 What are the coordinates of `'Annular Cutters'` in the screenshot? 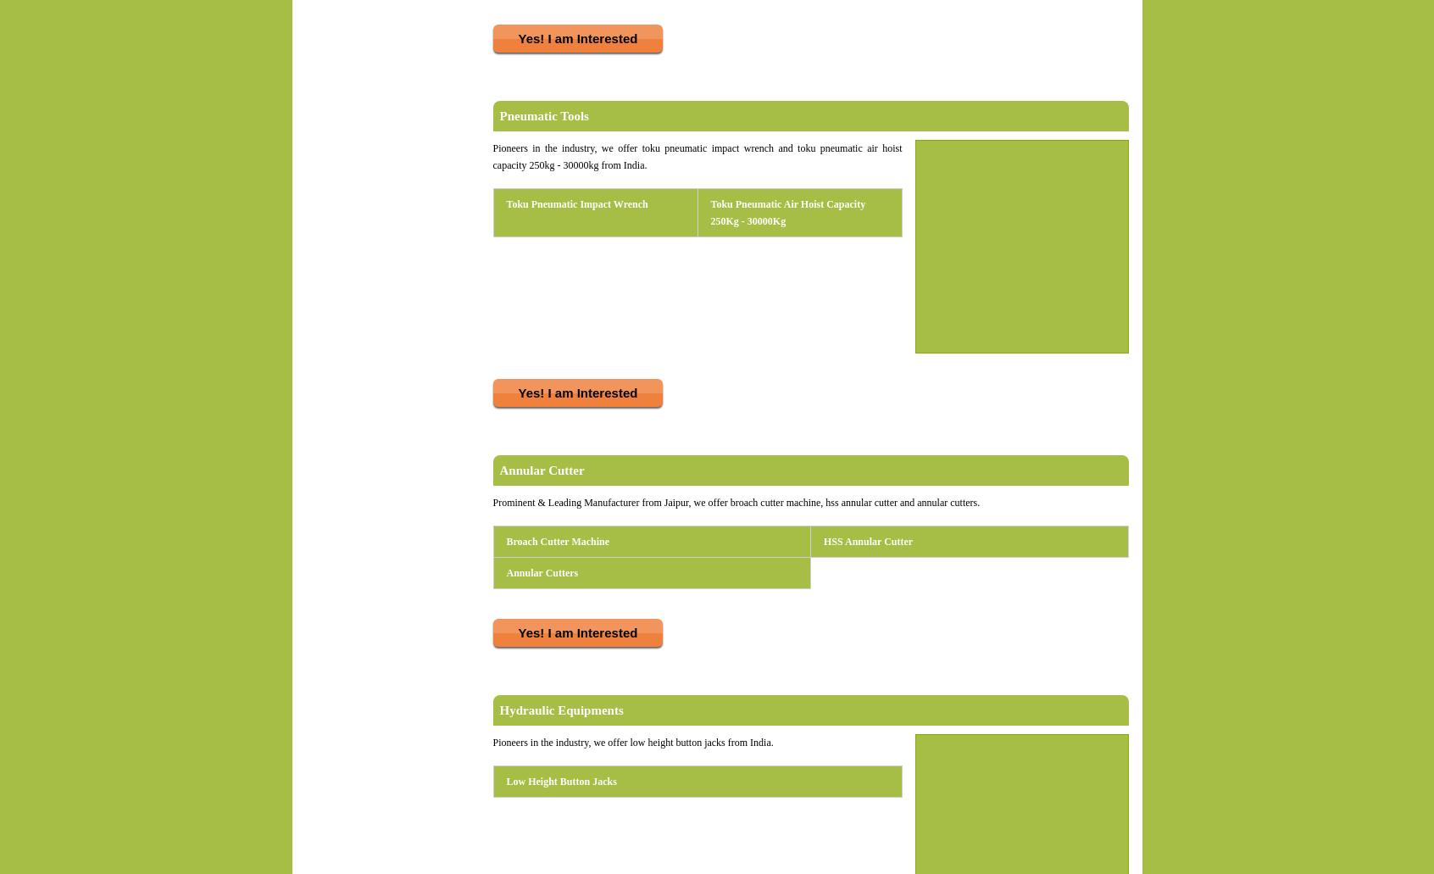 It's located at (504, 573).